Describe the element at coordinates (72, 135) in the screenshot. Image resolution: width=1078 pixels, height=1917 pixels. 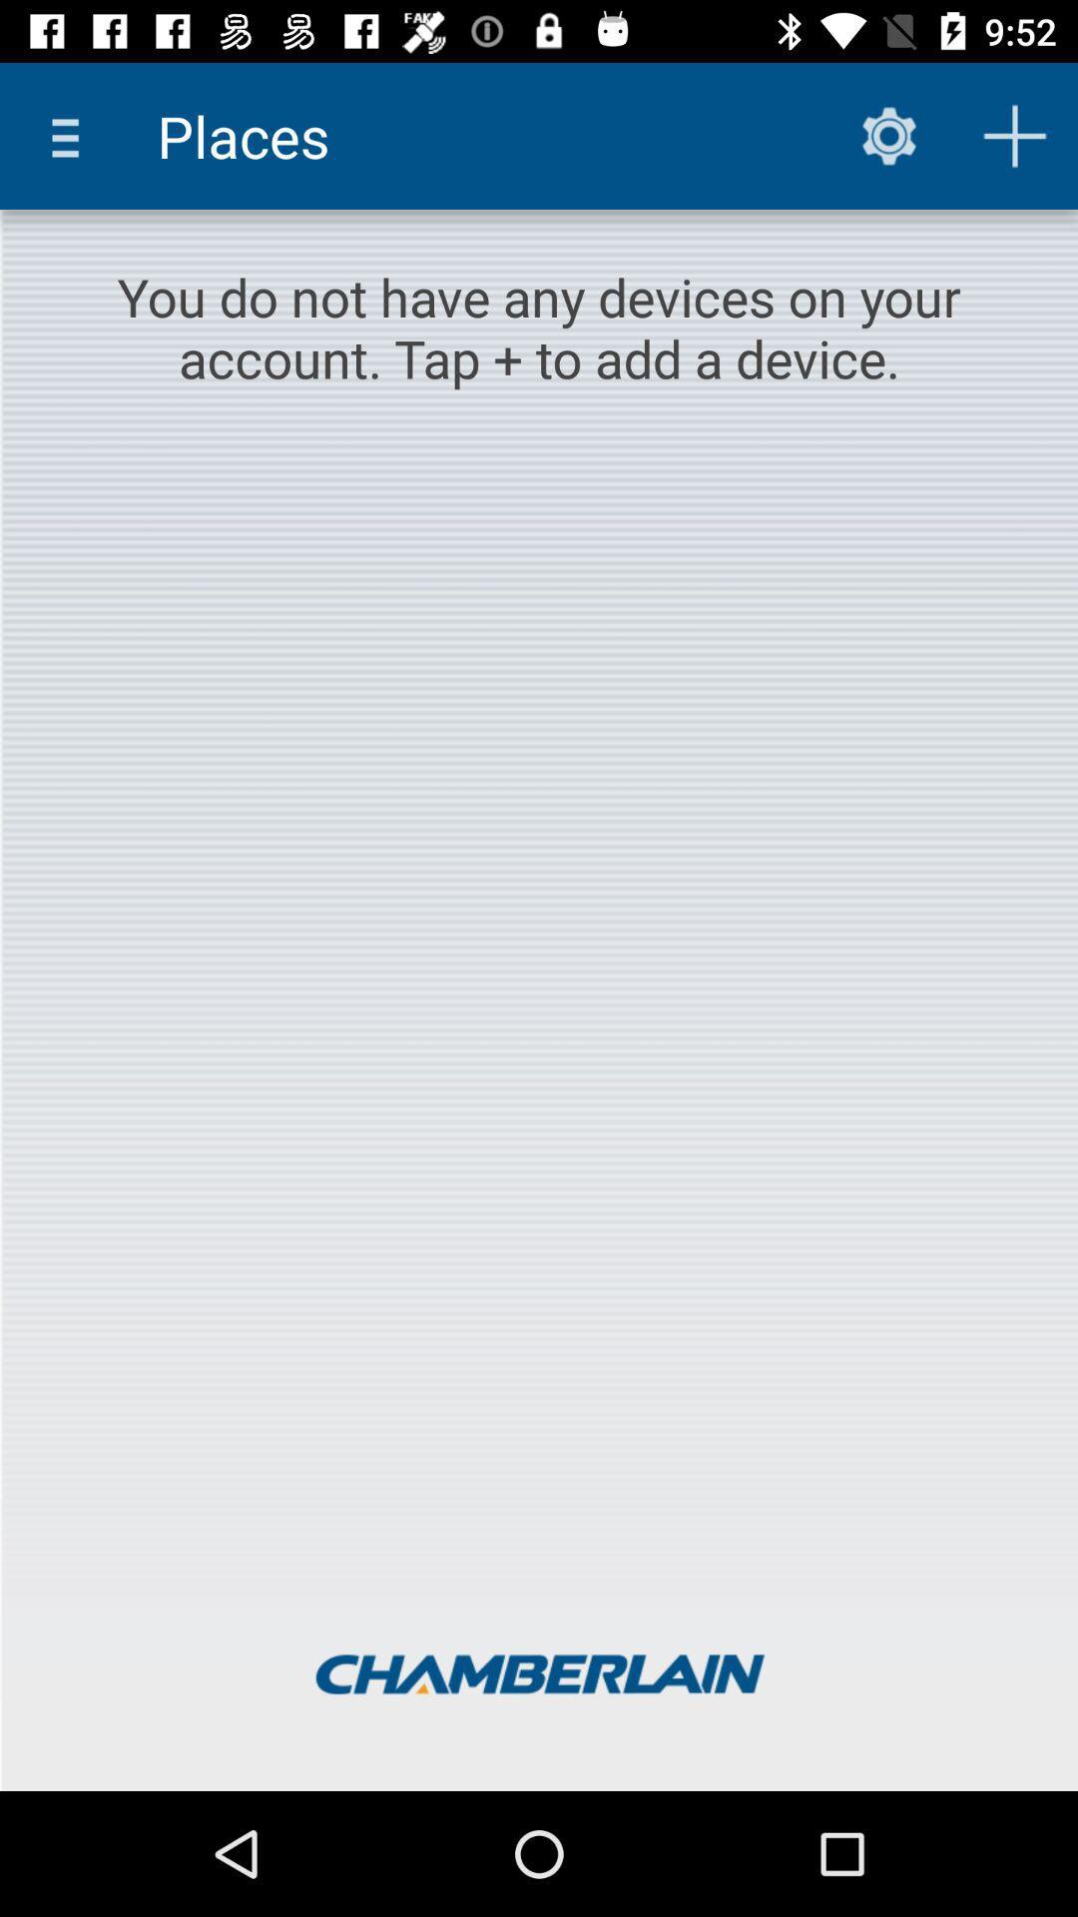
I see `the item next to the places` at that location.